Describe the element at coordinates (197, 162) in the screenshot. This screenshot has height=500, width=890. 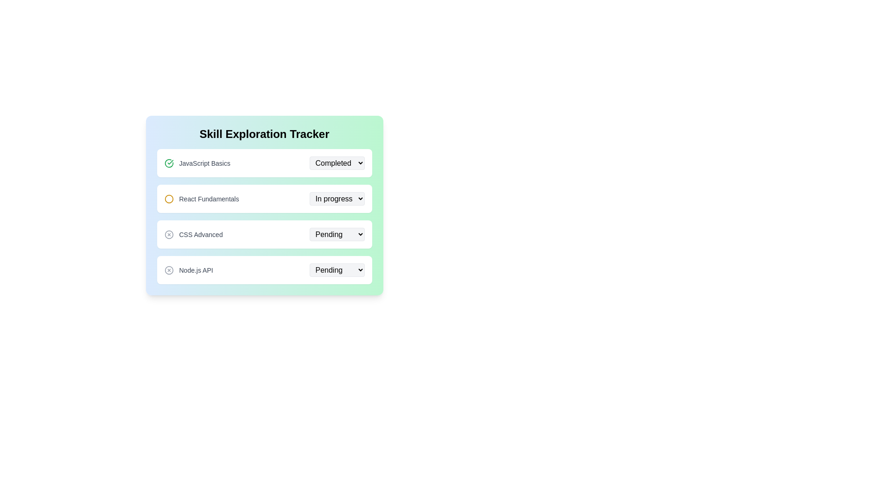
I see `the text label displaying 'JavaScript Basics'` at that location.